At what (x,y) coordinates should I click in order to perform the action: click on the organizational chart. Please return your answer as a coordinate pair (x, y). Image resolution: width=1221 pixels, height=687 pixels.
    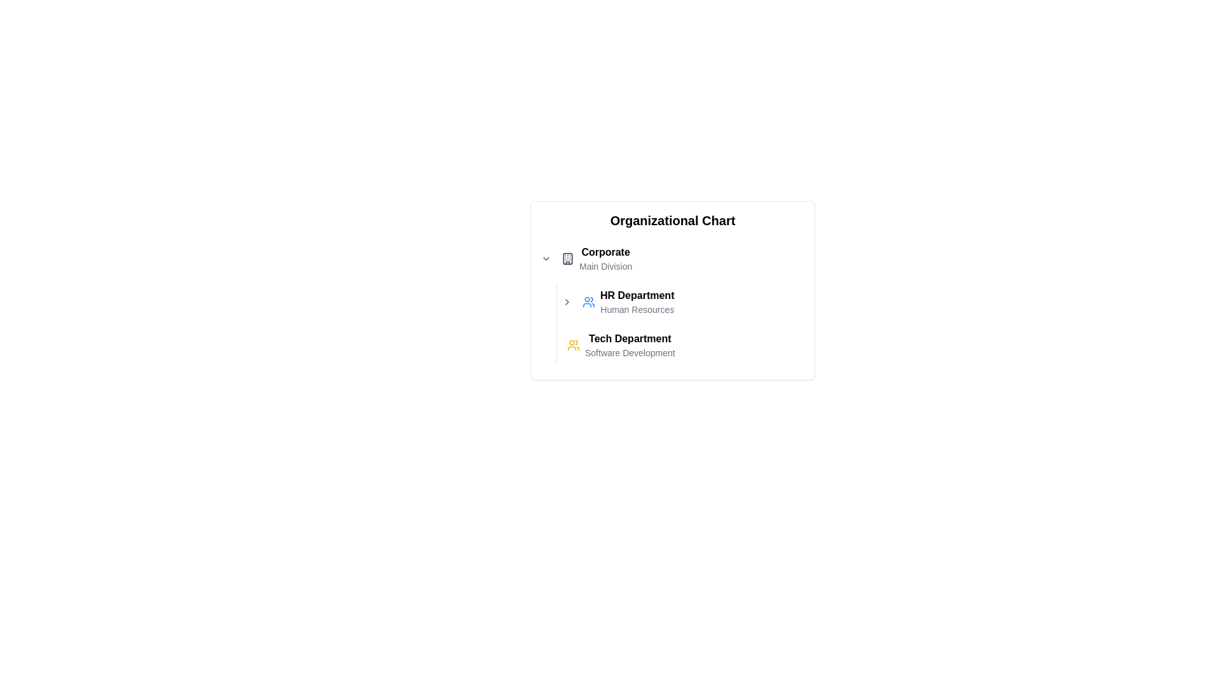
    Looking at the image, I should click on (672, 302).